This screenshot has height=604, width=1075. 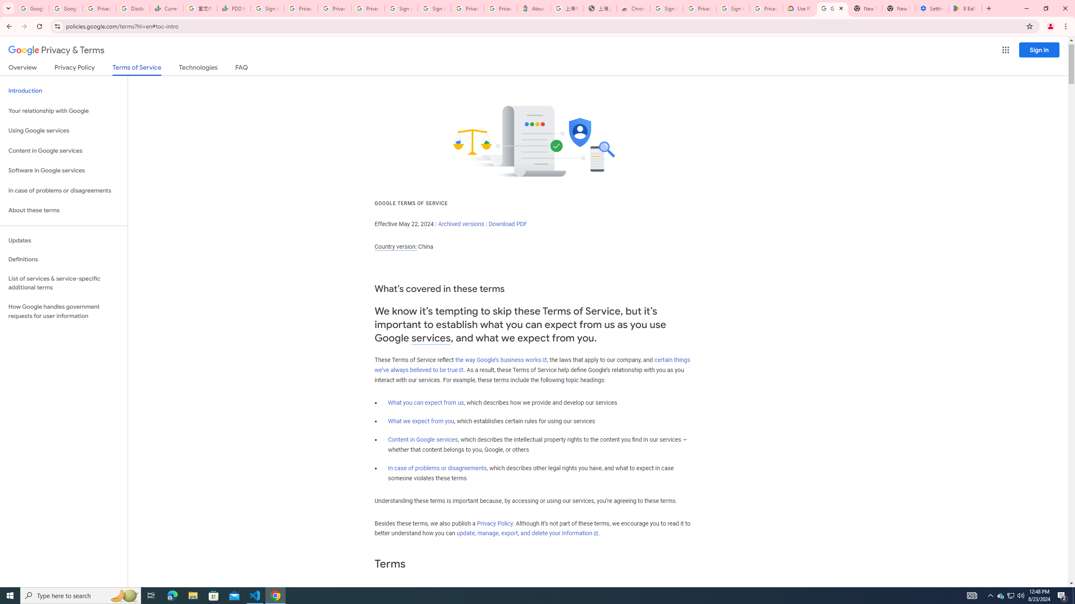 What do you see at coordinates (63, 210) in the screenshot?
I see `'About these terms'` at bounding box center [63, 210].